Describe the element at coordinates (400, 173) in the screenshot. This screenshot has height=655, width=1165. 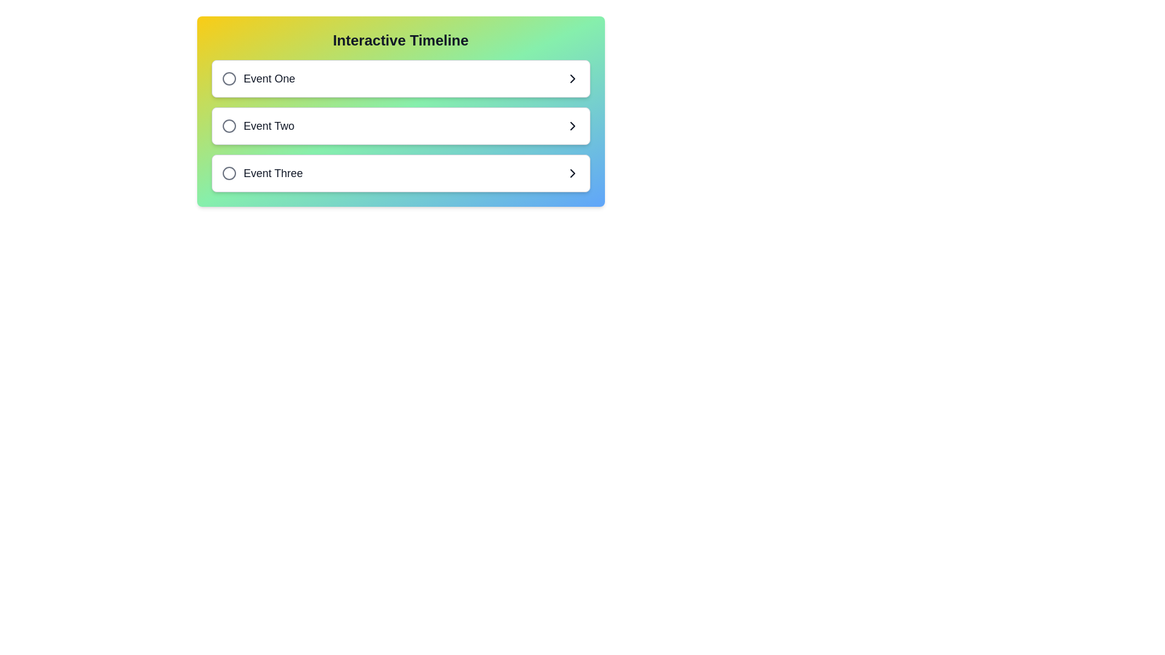
I see `the third selectable list item representing 'Event Three'` at that location.